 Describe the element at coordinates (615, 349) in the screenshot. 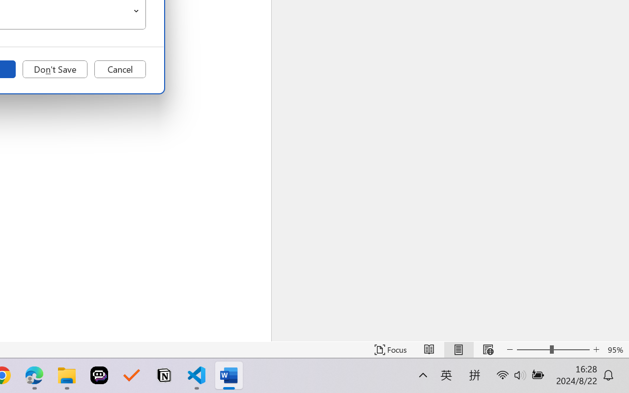

I see `'Zoom 95%'` at that location.